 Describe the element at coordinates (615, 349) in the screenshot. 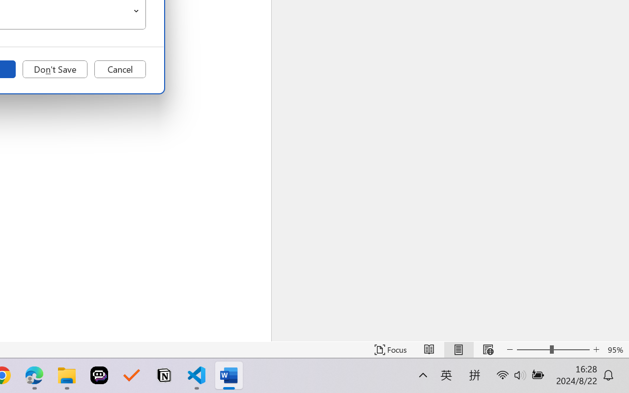

I see `'Zoom 95%'` at that location.